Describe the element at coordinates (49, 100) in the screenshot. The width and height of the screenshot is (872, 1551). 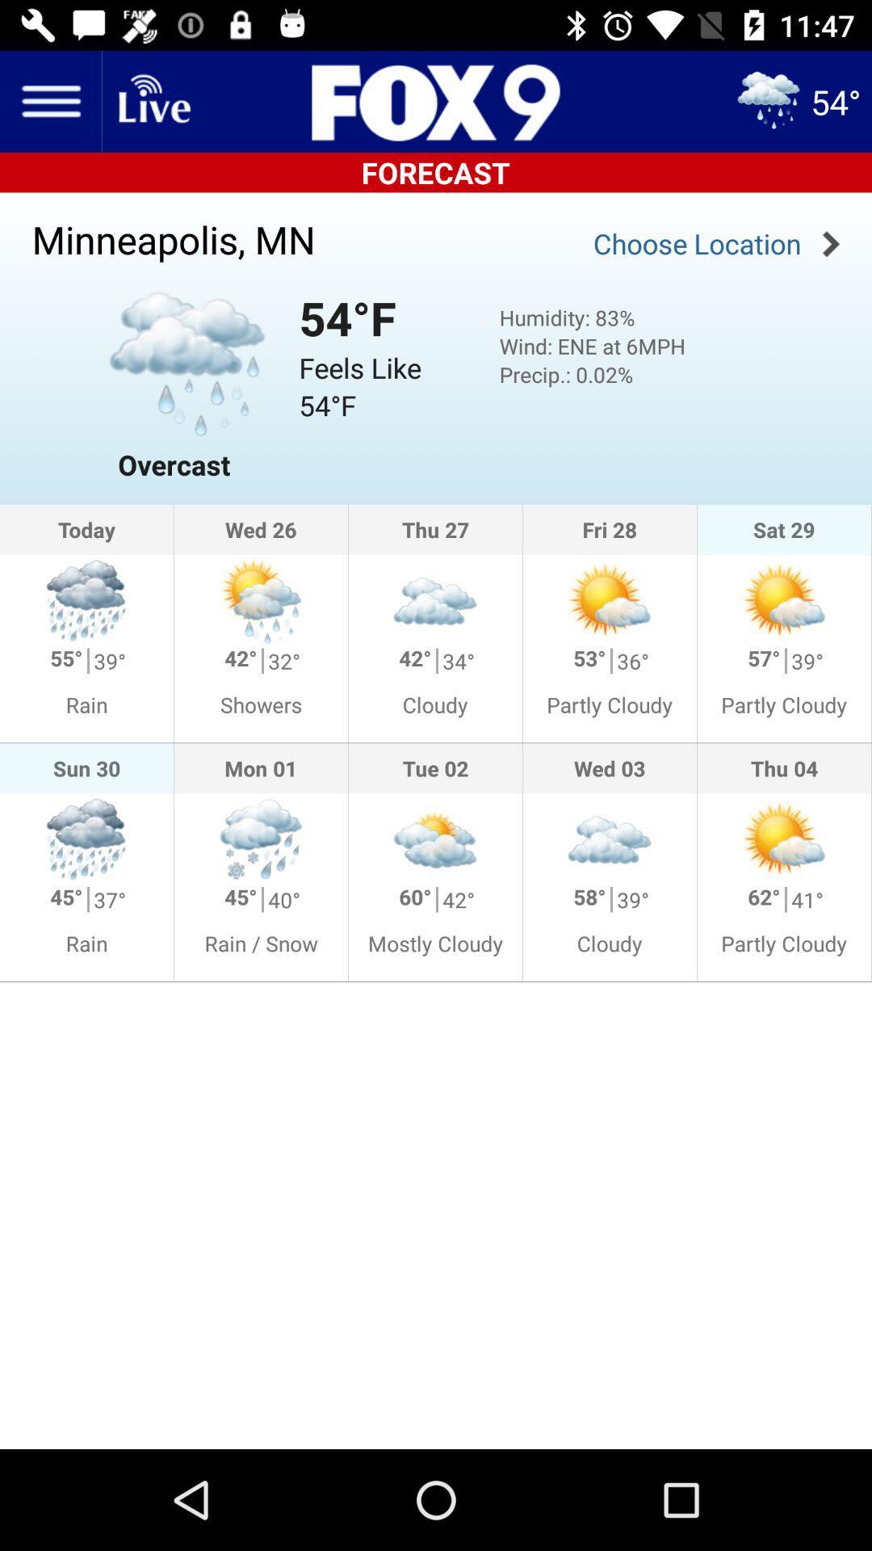
I see `the menu icon` at that location.